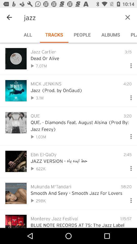 This screenshot has width=137, height=244. I want to click on more options, so click(129, 199).